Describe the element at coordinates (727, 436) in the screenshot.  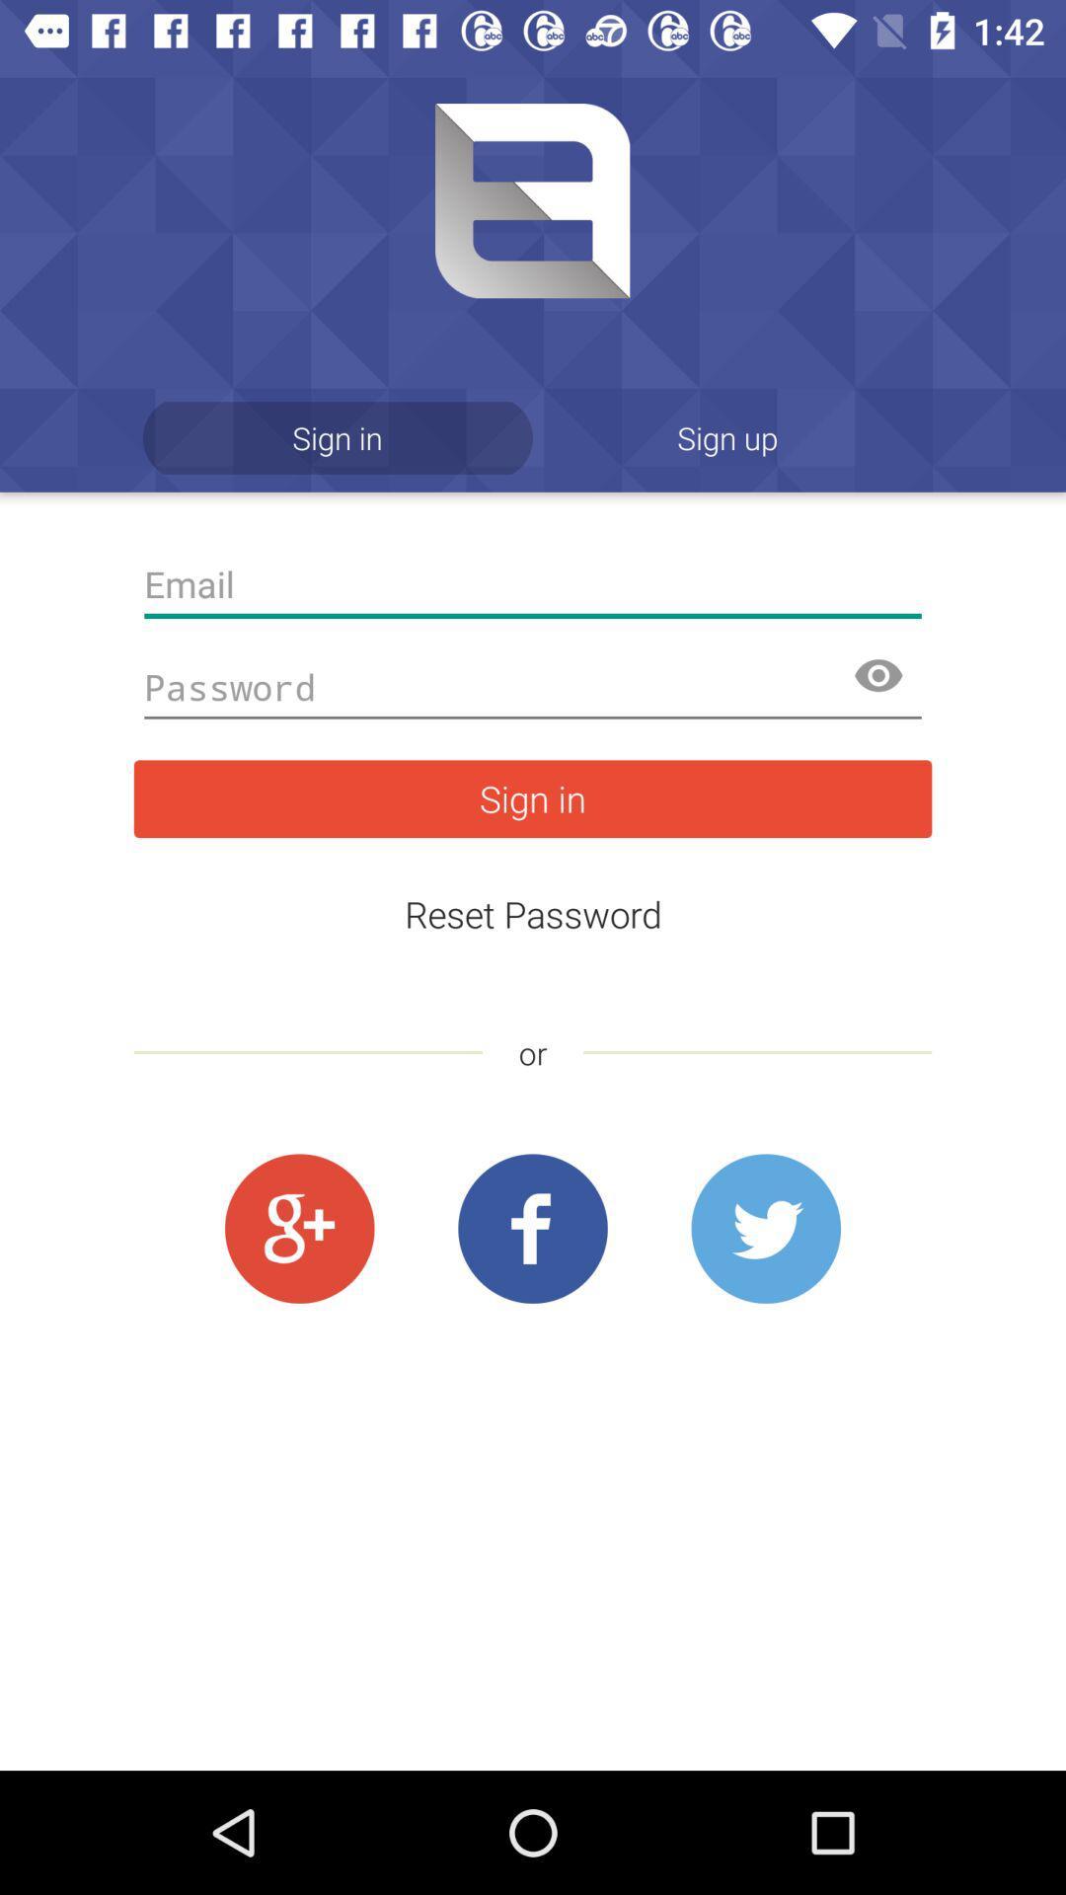
I see `the app to the right of the sign in icon` at that location.